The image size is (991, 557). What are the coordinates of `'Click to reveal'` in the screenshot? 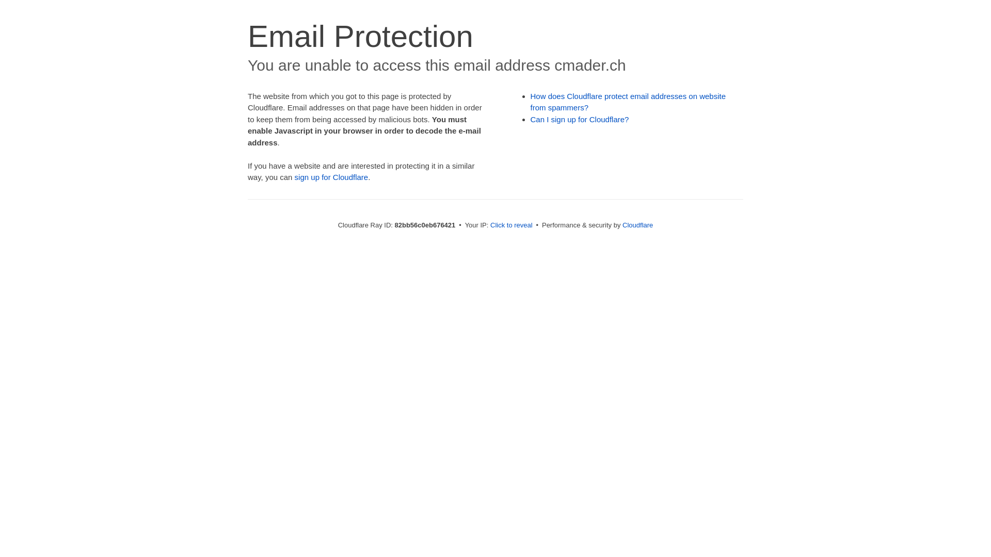 It's located at (511, 224).